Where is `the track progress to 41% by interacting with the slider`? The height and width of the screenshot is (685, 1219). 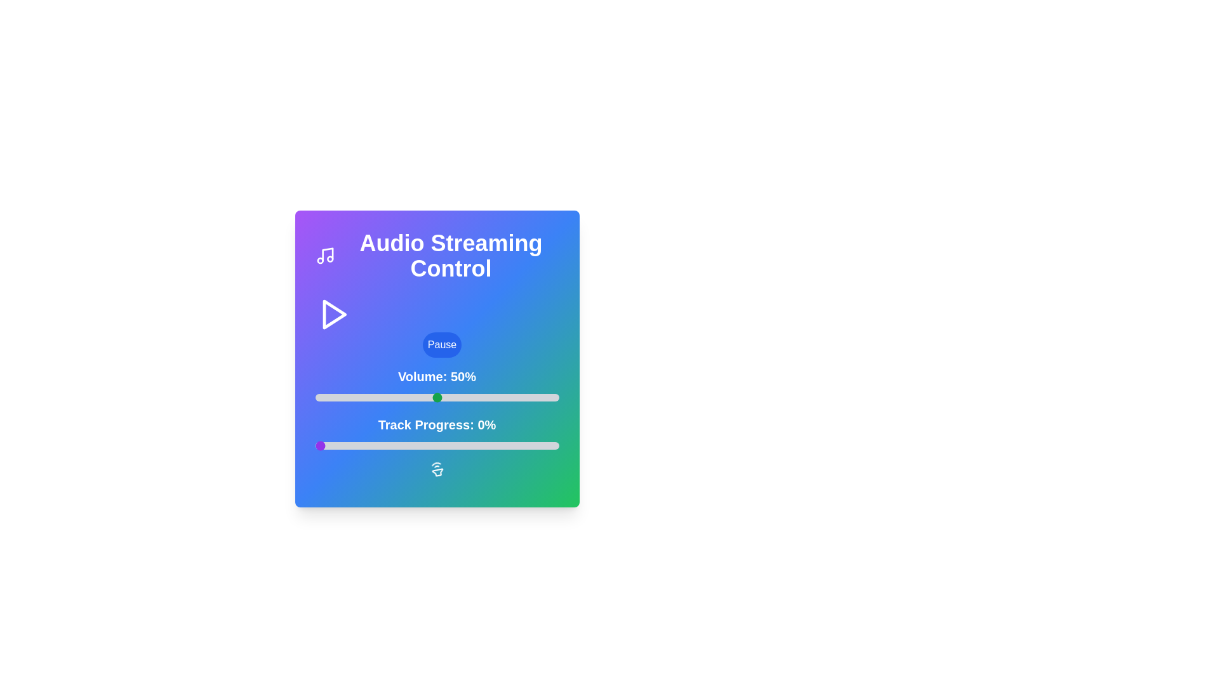
the track progress to 41% by interacting with the slider is located at coordinates (415, 445).